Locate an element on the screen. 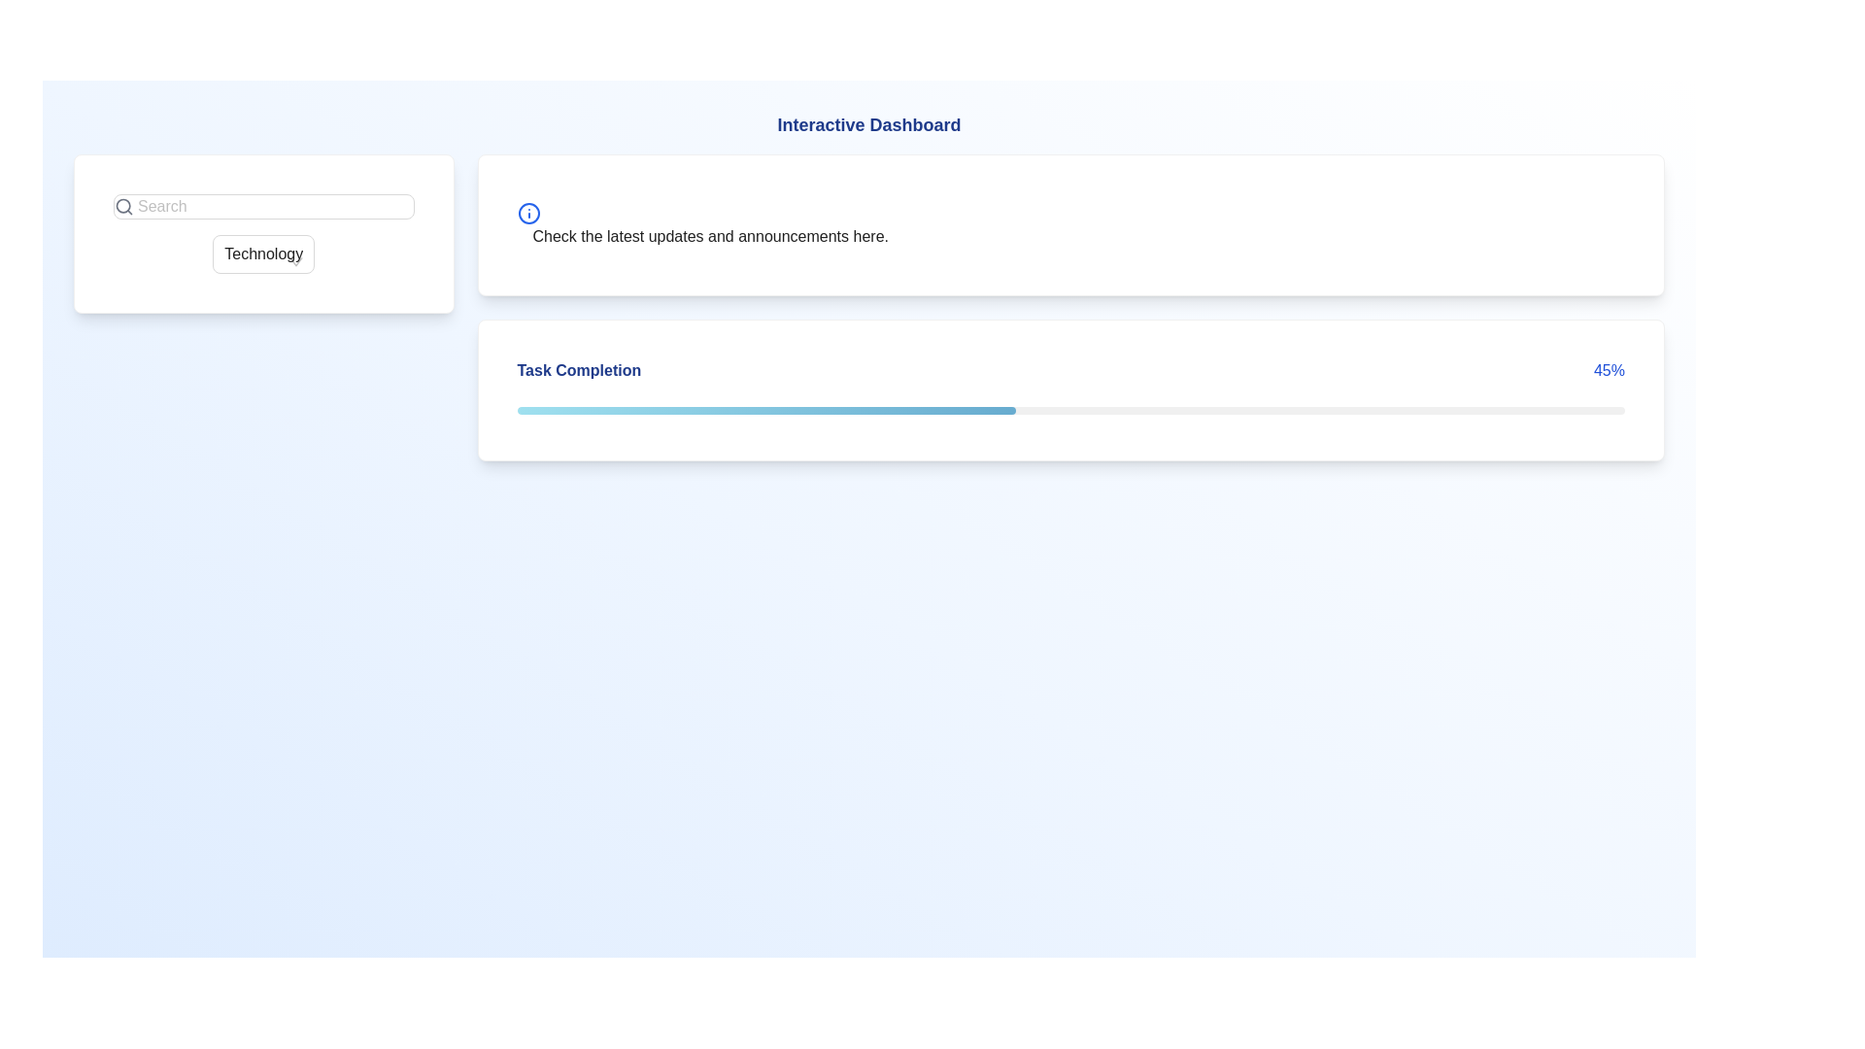 This screenshot has height=1049, width=1865. the non-interactive icon (circle component) located at the top-right card containing the text 'Check the latest updates and announcements here.' is located at coordinates (528, 213).